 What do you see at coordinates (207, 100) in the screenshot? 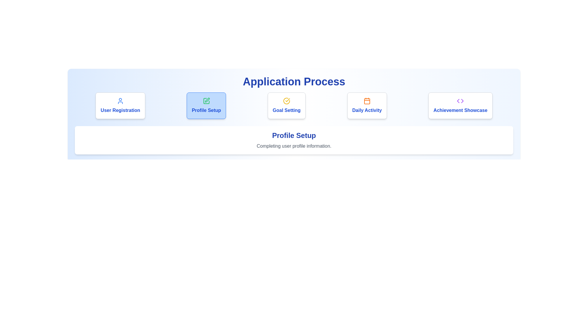
I see `the functionality of the profile setup icon located between the User Registration and Goal Setting buttons` at bounding box center [207, 100].